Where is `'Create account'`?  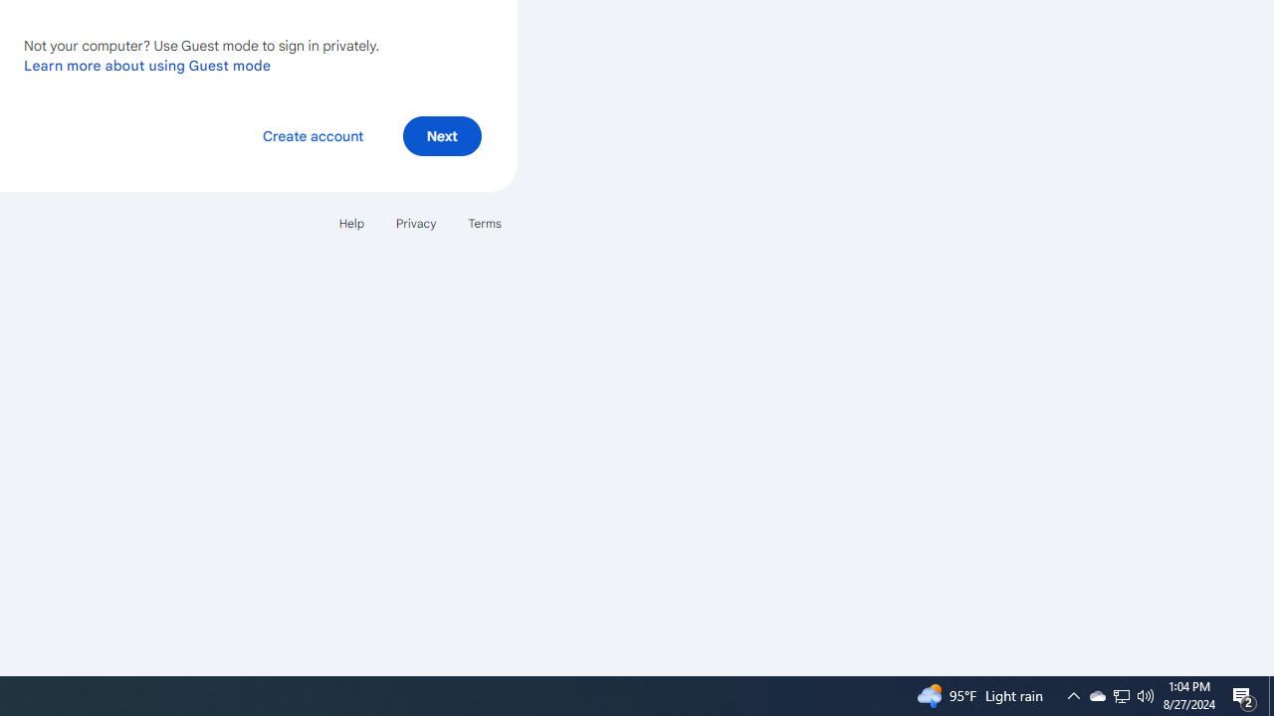
'Create account' is located at coordinates (312, 134).